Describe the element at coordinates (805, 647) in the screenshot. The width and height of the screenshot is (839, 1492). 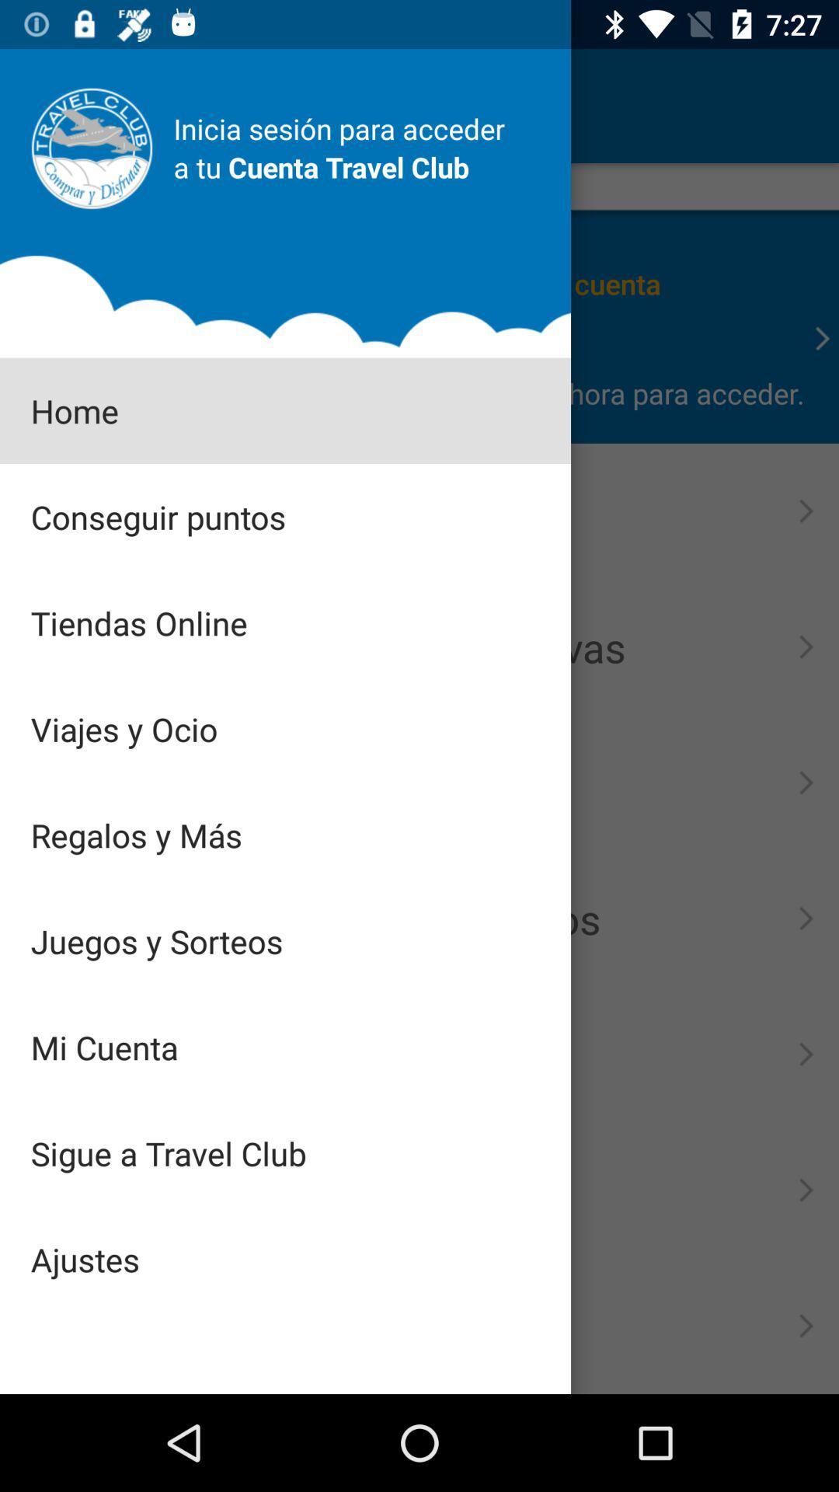
I see `the third right arrow` at that location.